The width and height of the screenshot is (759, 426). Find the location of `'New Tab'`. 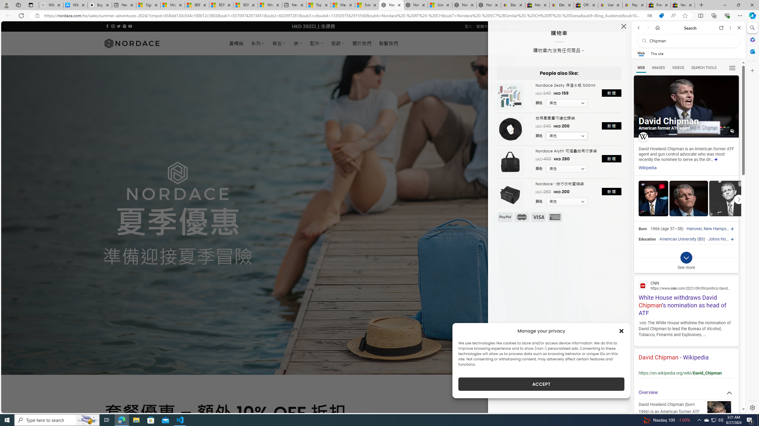

'New Tab' is located at coordinates (701, 5).